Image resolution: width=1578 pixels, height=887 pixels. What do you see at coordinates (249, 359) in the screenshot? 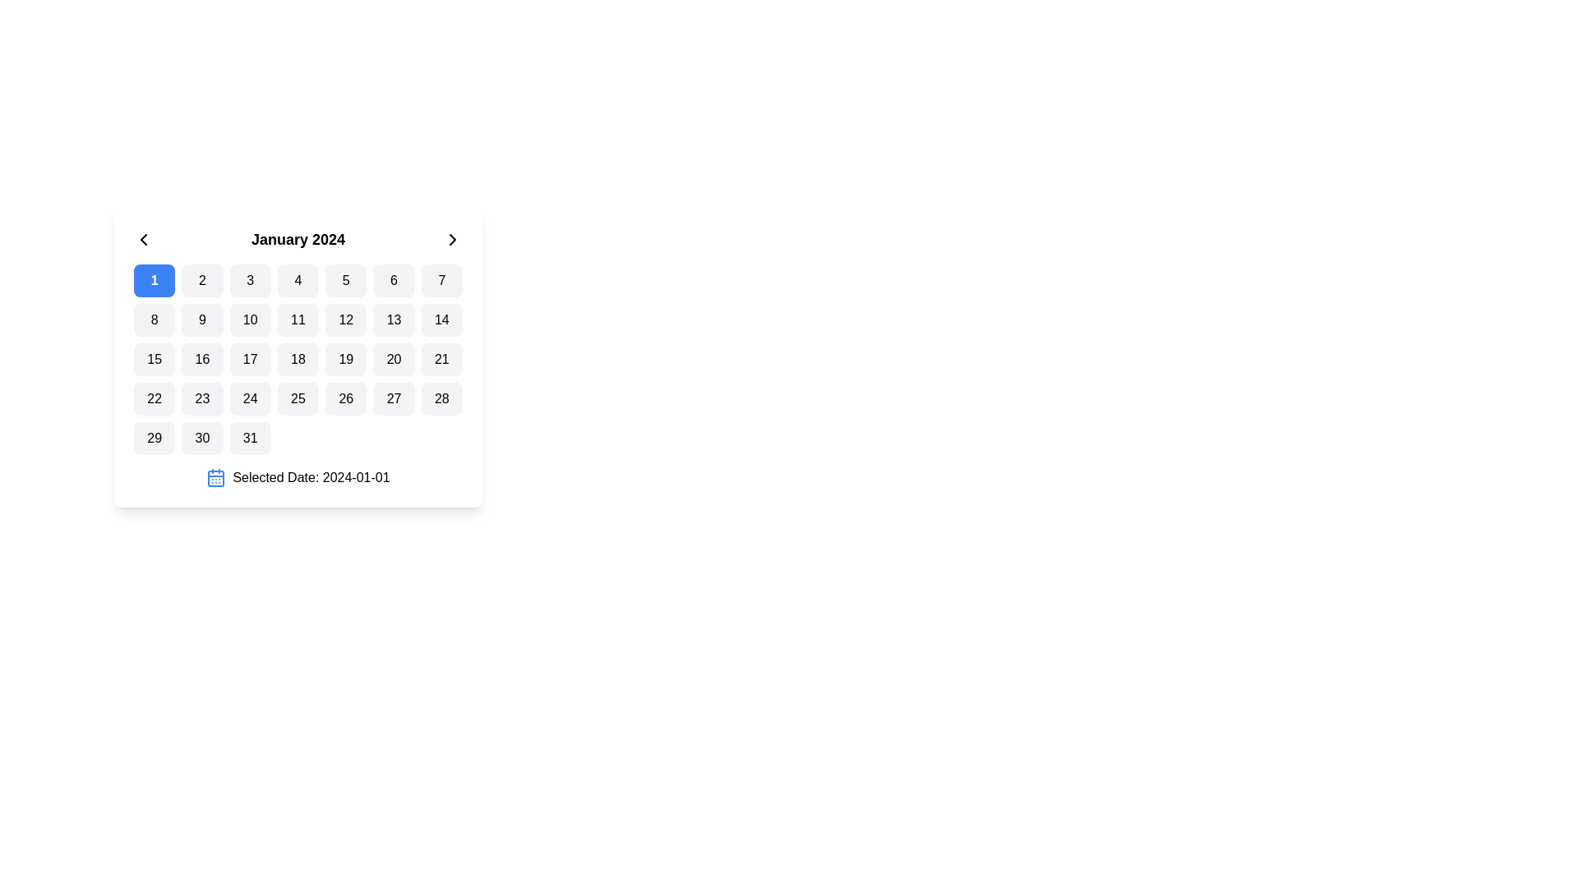
I see `the button displaying the number '17' in a rounded rectangular box with a light gray background` at bounding box center [249, 359].